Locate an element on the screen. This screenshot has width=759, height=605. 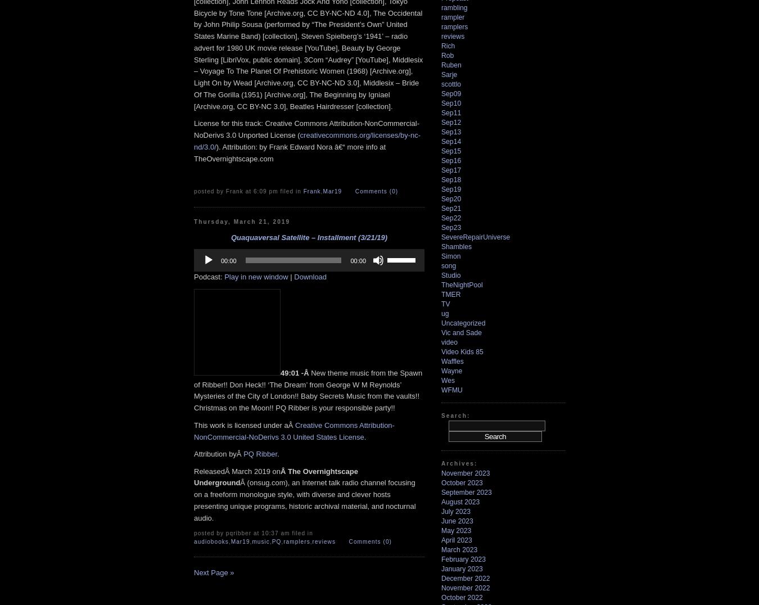
'Podcast:' is located at coordinates (194, 276).